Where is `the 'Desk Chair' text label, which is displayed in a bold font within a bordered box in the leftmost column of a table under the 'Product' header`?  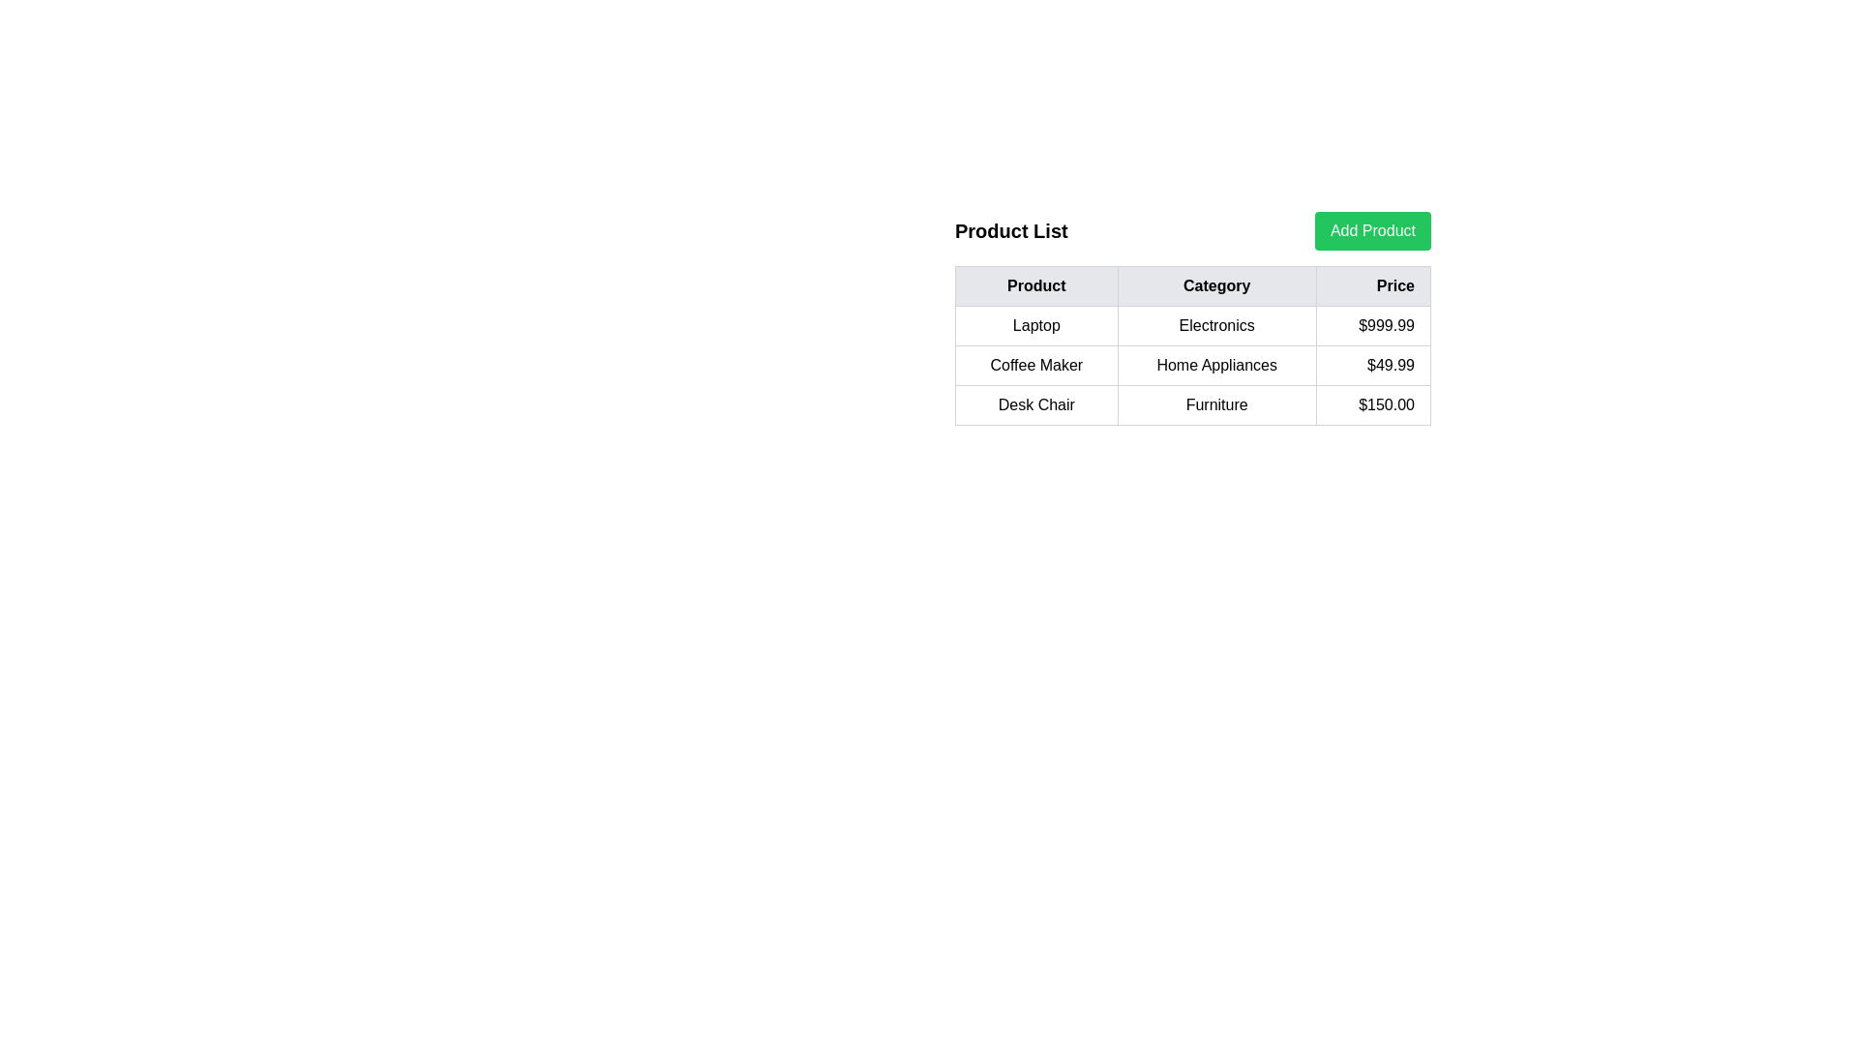 the 'Desk Chair' text label, which is displayed in a bold font within a bordered box in the leftmost column of a table under the 'Product' header is located at coordinates (1035, 404).